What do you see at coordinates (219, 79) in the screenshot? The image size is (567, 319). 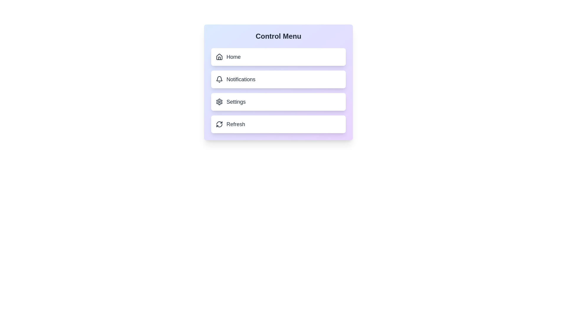 I see `the icon associated with the menu option Notifications` at bounding box center [219, 79].